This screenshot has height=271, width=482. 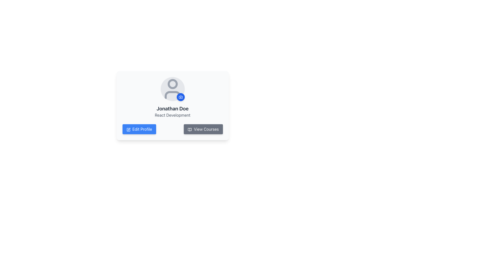 I want to click on the small white camera icon with a thin outline, located within a blue circular button at the bottom-right corner of the user profile picture, so click(x=180, y=97).